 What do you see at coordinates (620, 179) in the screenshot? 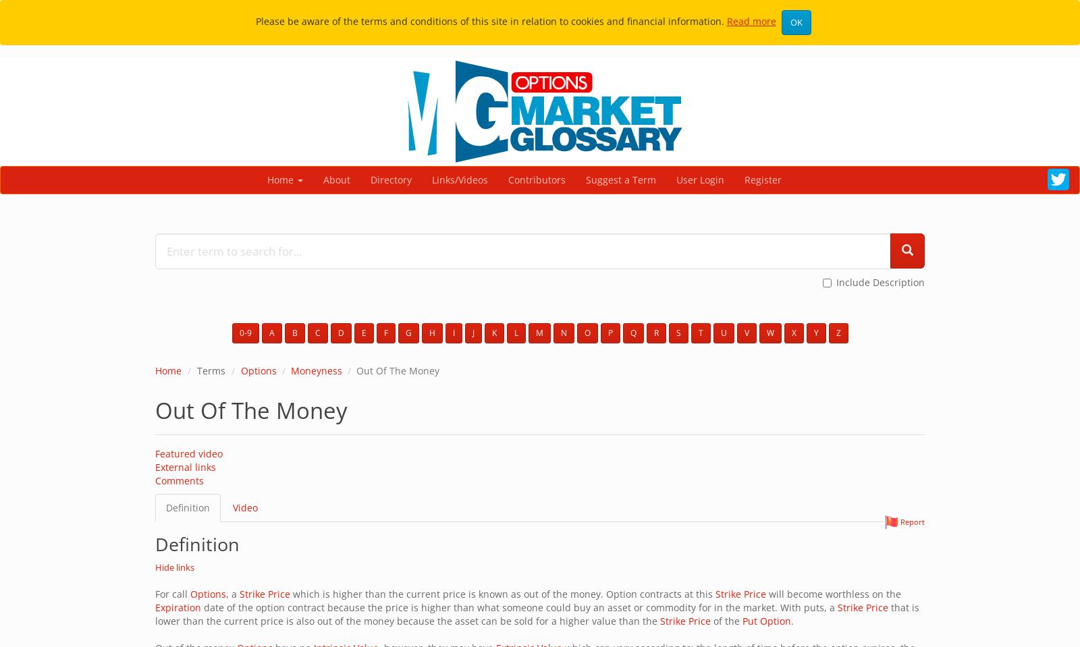
I see `'Suggest a Term'` at bounding box center [620, 179].